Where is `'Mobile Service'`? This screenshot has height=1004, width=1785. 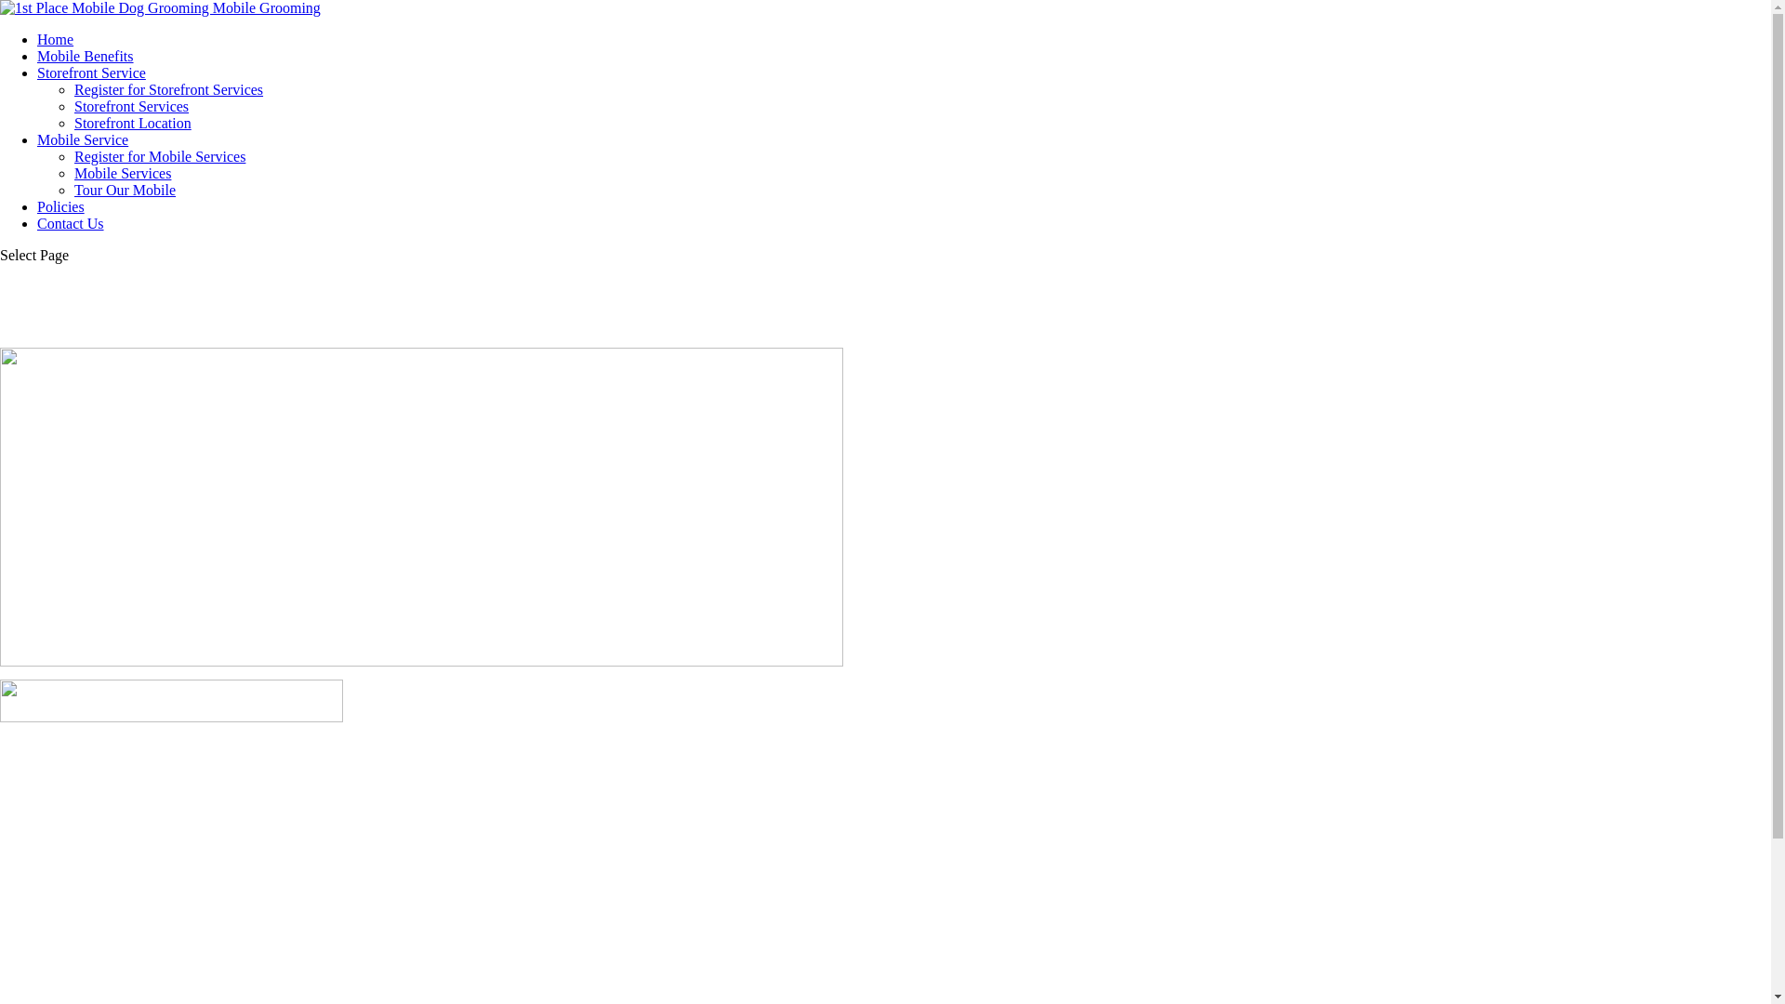
'Mobile Service' is located at coordinates (82, 139).